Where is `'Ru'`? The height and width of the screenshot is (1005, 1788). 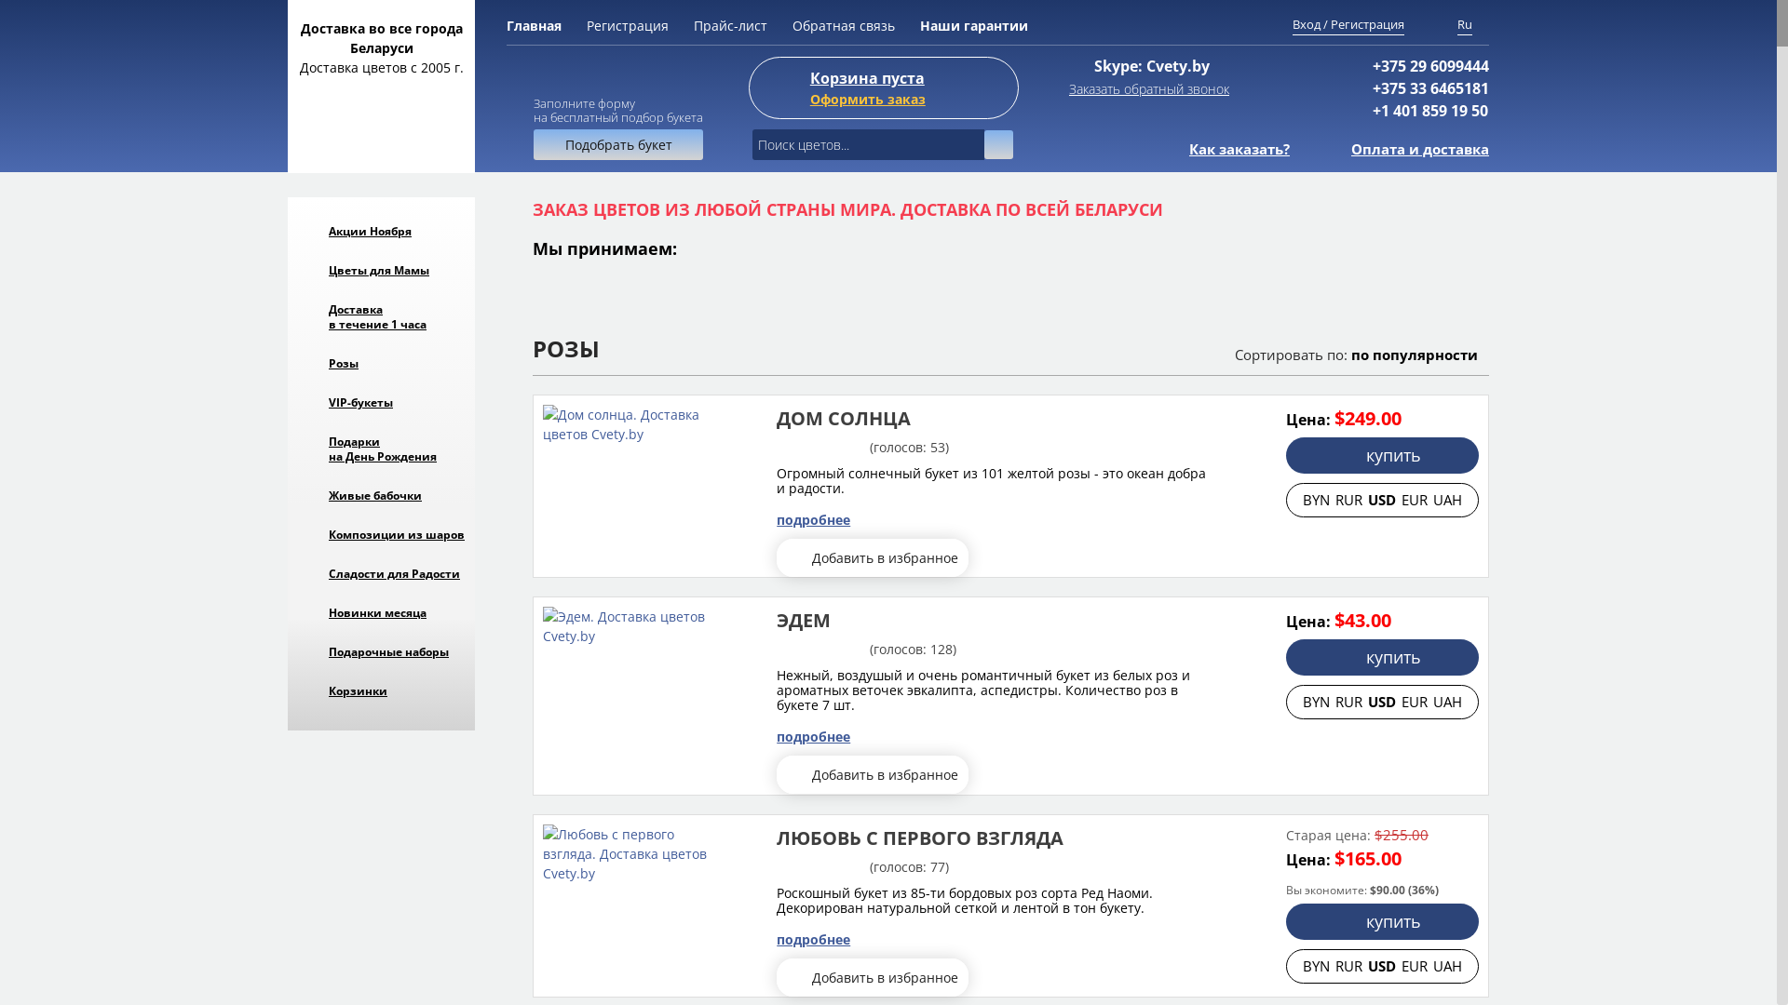
'Ru' is located at coordinates (1464, 25).